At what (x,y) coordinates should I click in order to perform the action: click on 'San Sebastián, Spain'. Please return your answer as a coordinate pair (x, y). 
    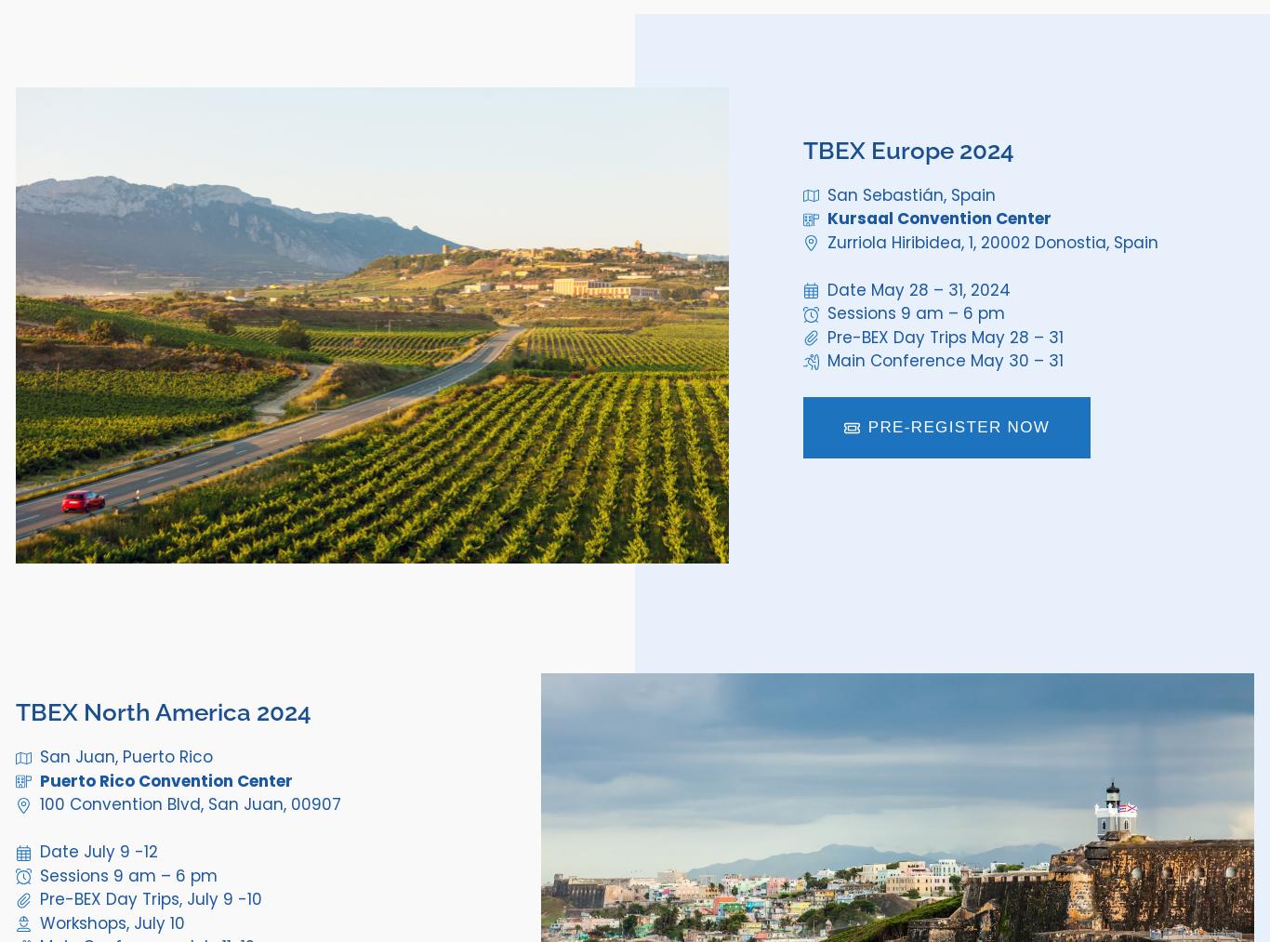
    Looking at the image, I should click on (910, 192).